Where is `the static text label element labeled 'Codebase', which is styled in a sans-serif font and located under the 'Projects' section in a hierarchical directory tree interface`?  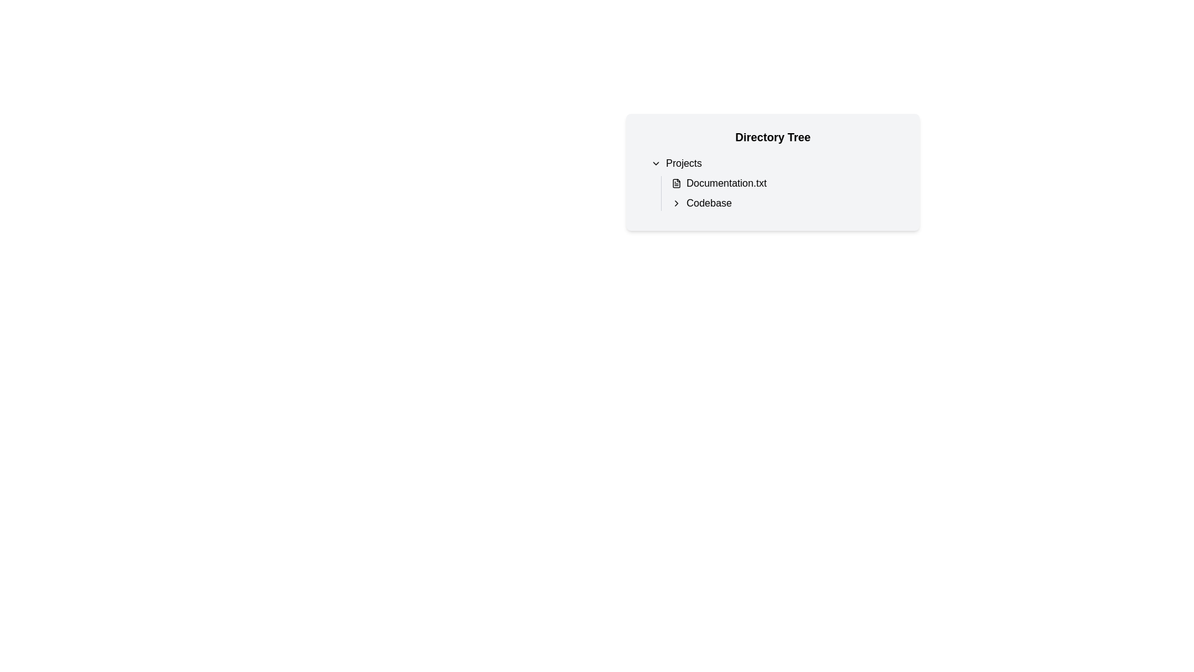 the static text label element labeled 'Codebase', which is styled in a sans-serif font and located under the 'Projects' section in a hierarchical directory tree interface is located at coordinates (709, 203).